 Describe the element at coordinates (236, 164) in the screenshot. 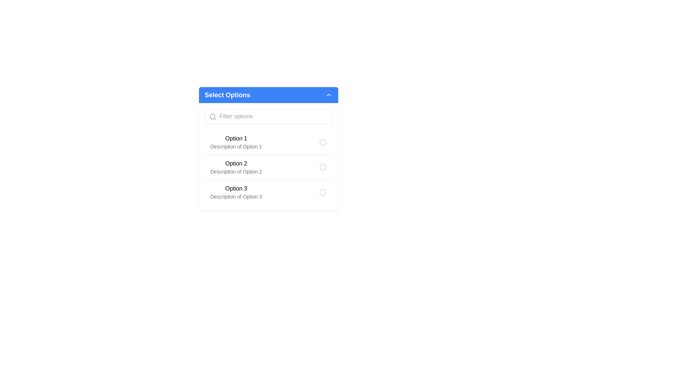

I see `the text label that serves as the title for the first selectable option in the dropdown menu, located below the search bar` at that location.